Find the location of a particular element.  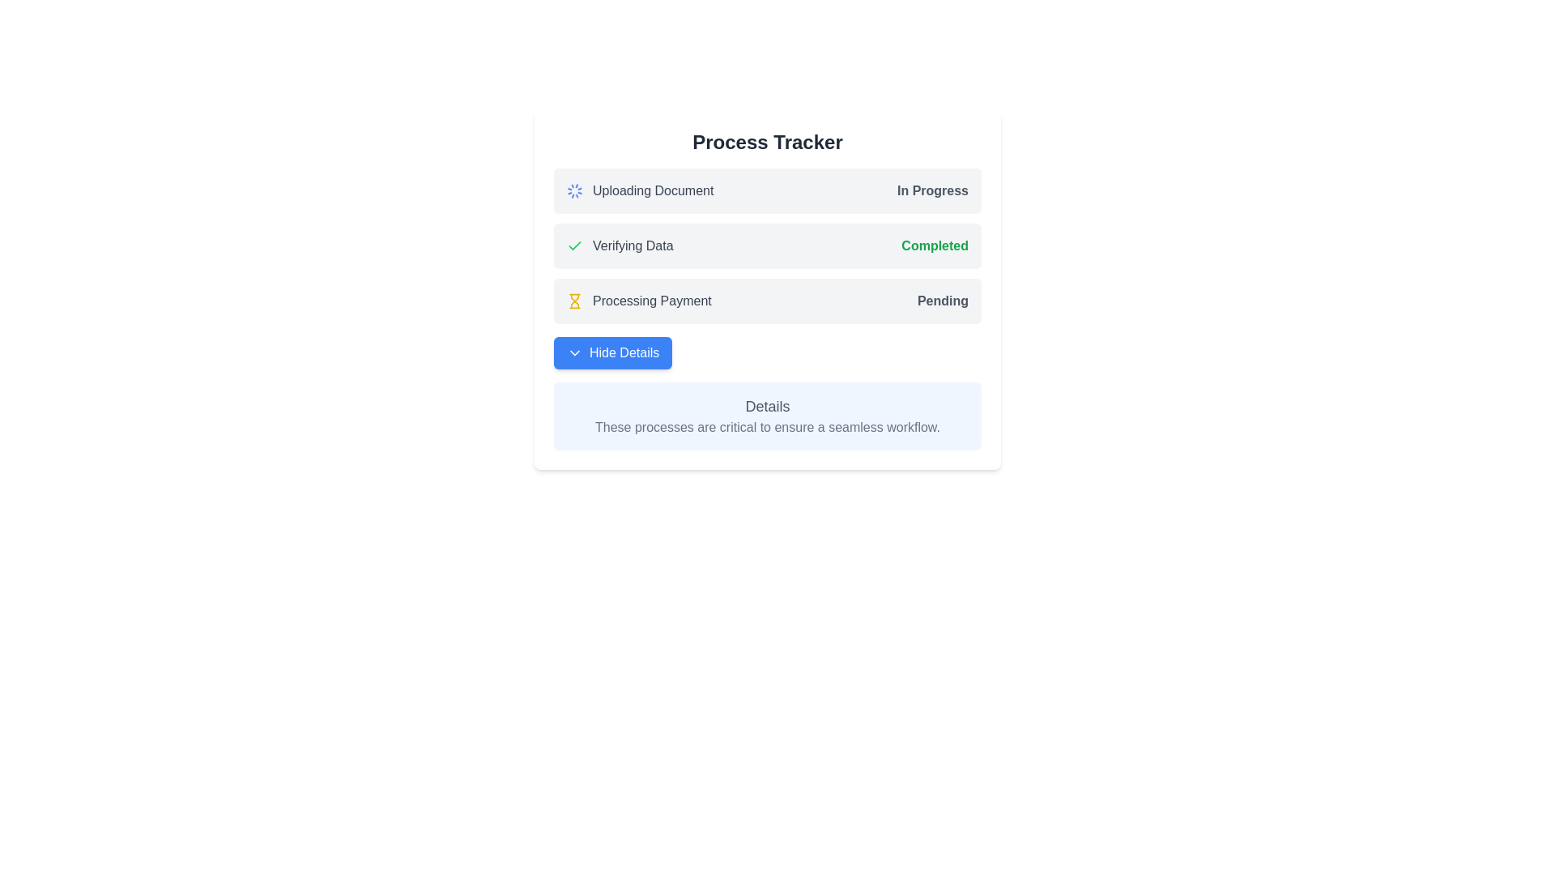

the status indicator label that specifies the completion of the 'Verifying Data' process, located to the right of the 'Verifying Data' label is located at coordinates (935, 246).